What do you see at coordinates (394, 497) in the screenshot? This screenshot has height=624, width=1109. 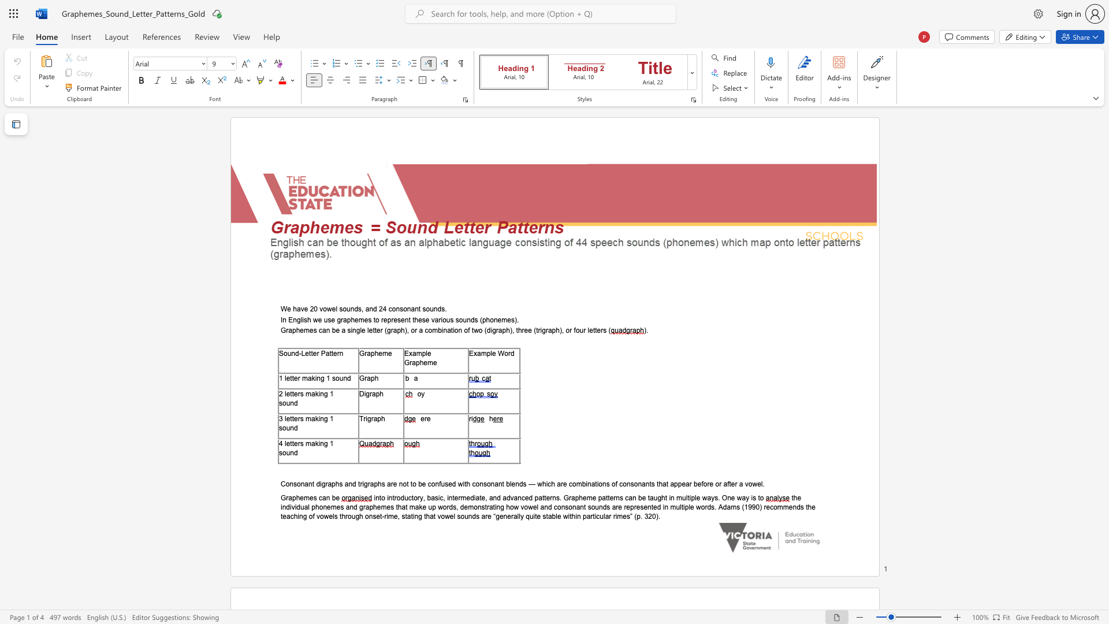 I see `the subset text "roductory, basic, intermediate, and advanced patterns. Graphem" within the text "into introductory, basic, intermediate, and advanced patterns. Grapheme patterns can be taught in multiple ways. One way is to"` at bounding box center [394, 497].